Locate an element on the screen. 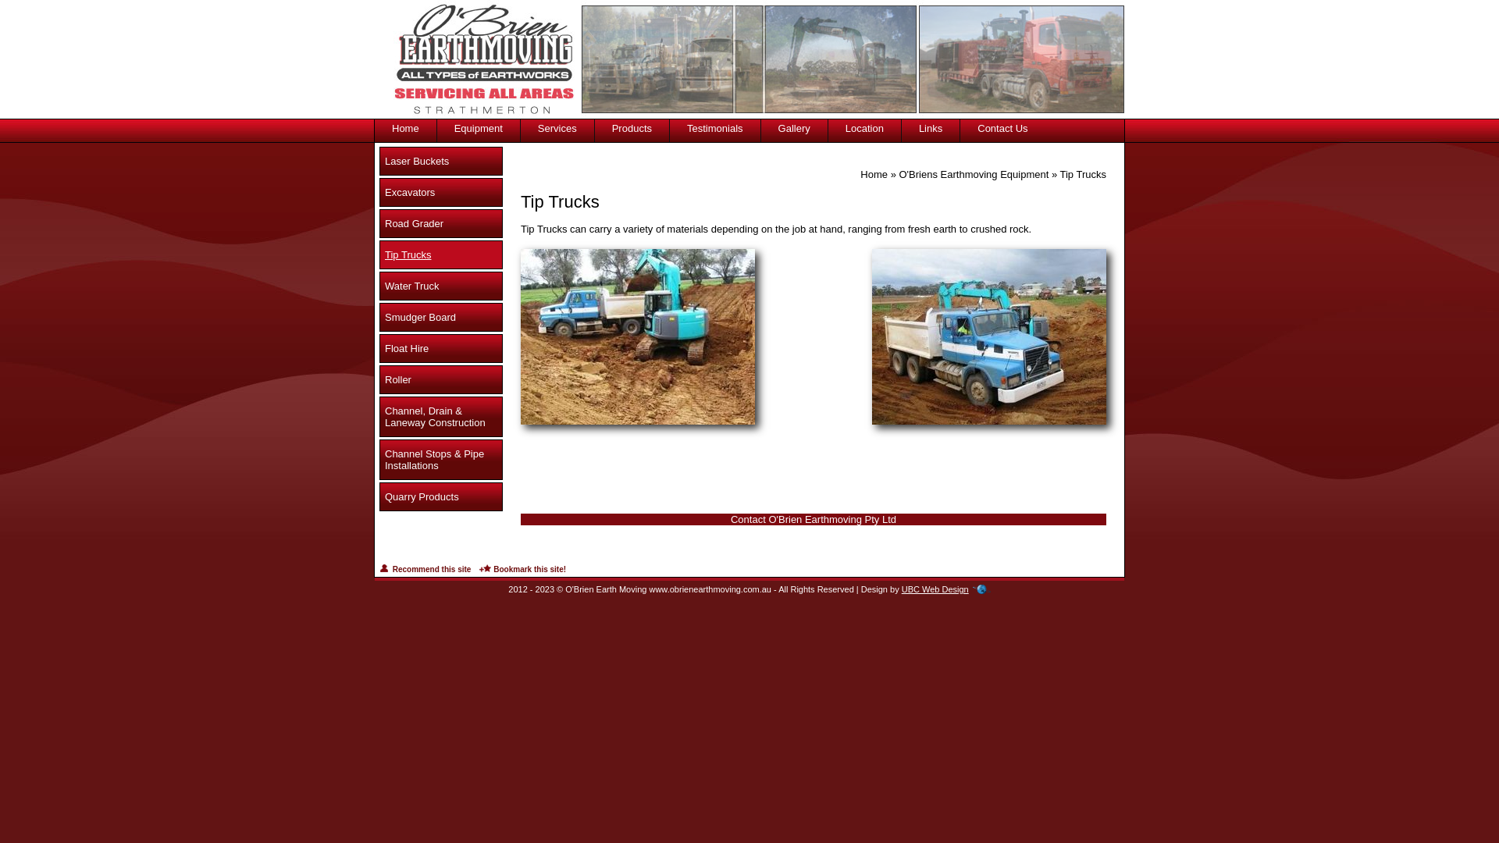  'O'Briens Earthmoving Equipment' is located at coordinates (899, 174).